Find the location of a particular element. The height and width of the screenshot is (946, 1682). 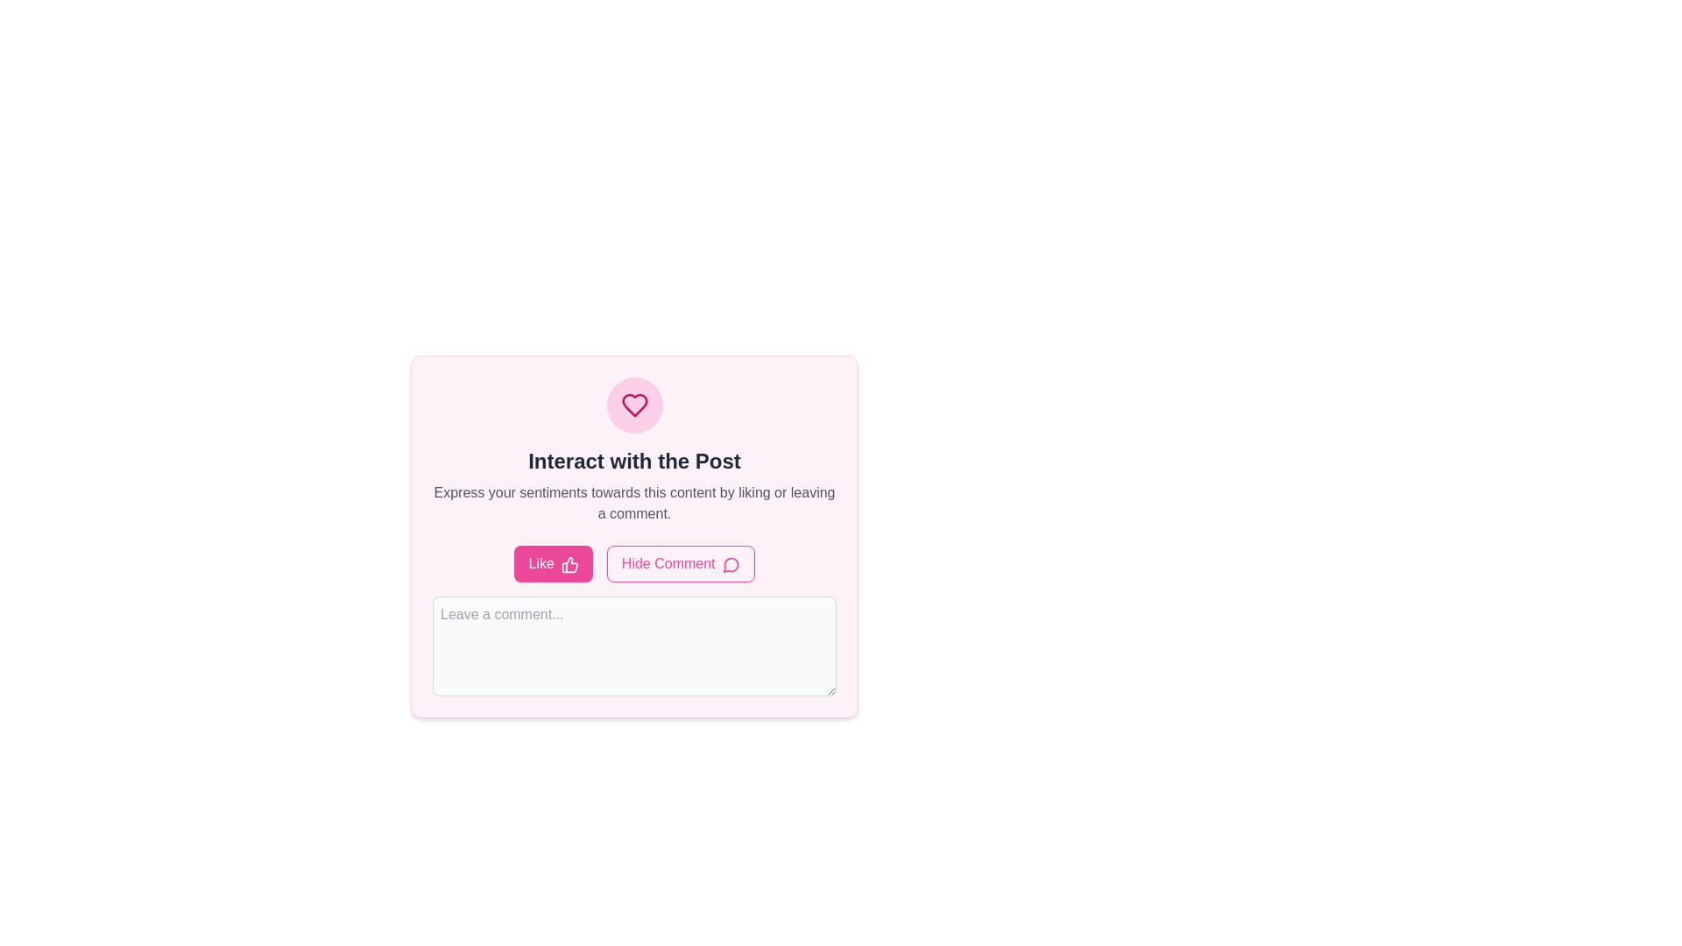

the button to the immediate right of the 'Like' button, which toggles the visibility of comments on the post is located at coordinates (680, 564).